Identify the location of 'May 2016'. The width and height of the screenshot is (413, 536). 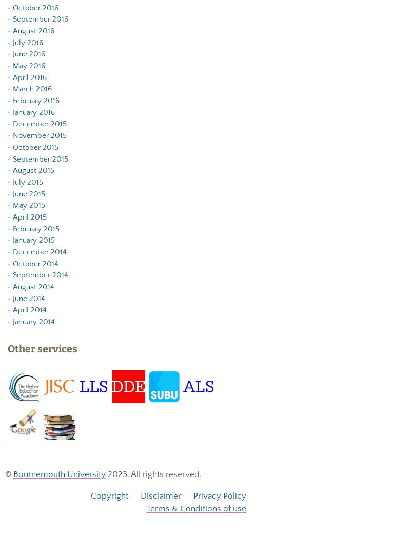
(13, 65).